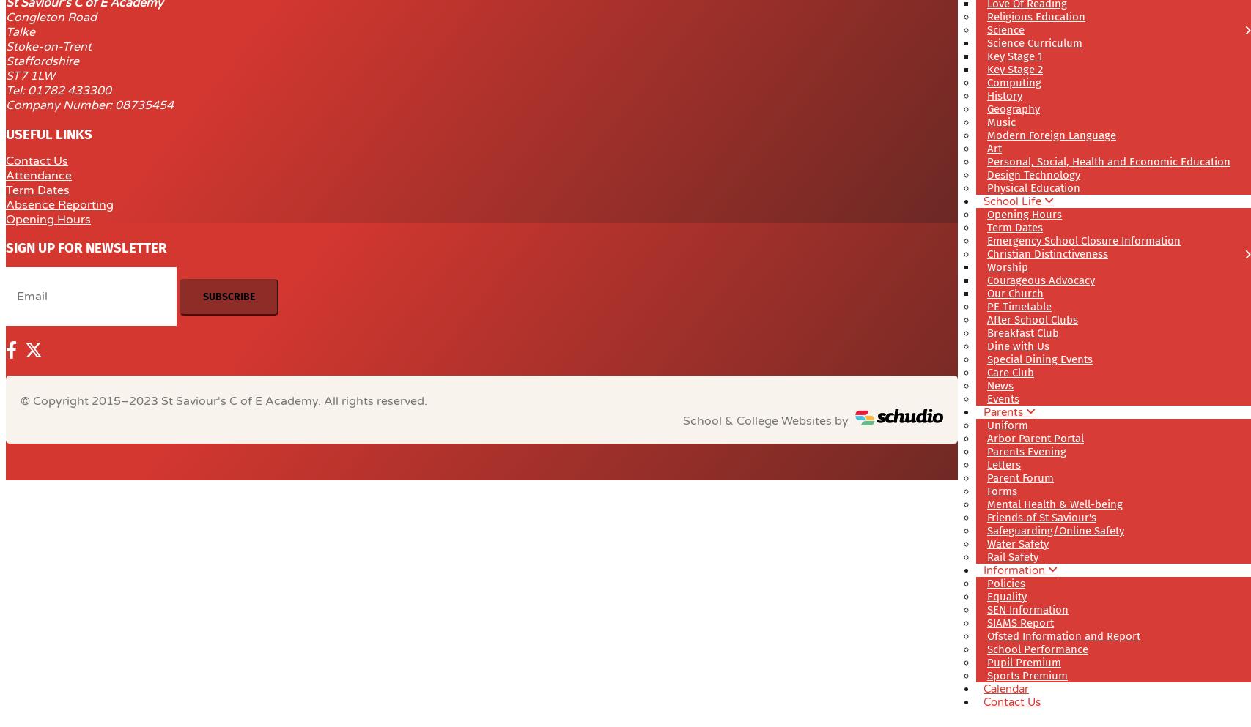 The width and height of the screenshot is (1251, 727). I want to click on 'Attendance', so click(38, 174).